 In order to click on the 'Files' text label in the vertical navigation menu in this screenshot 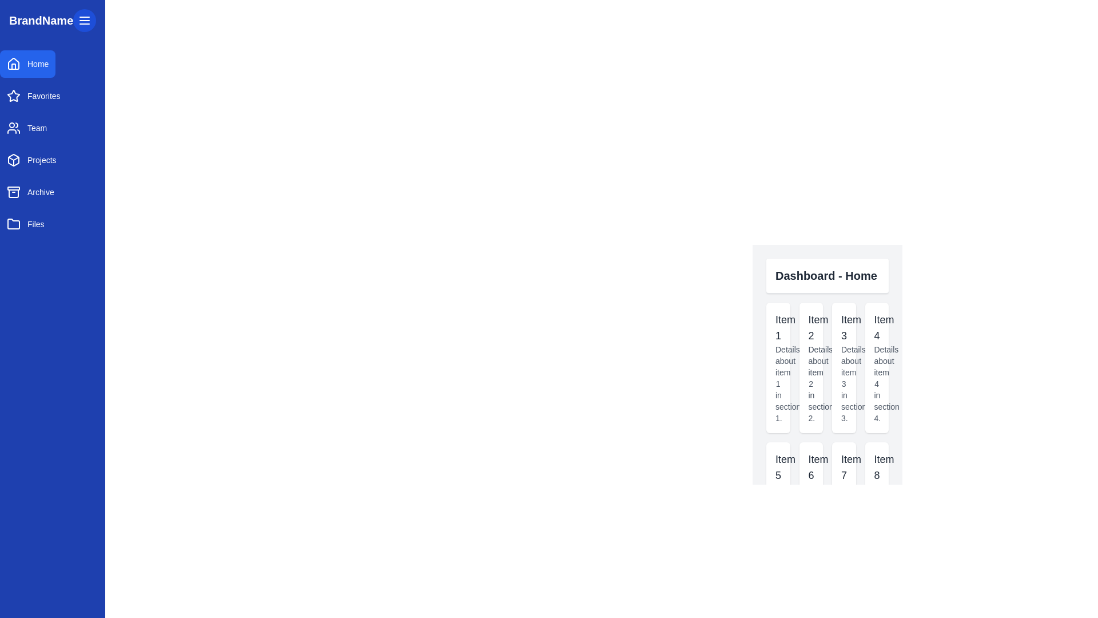, I will do `click(35, 224)`.